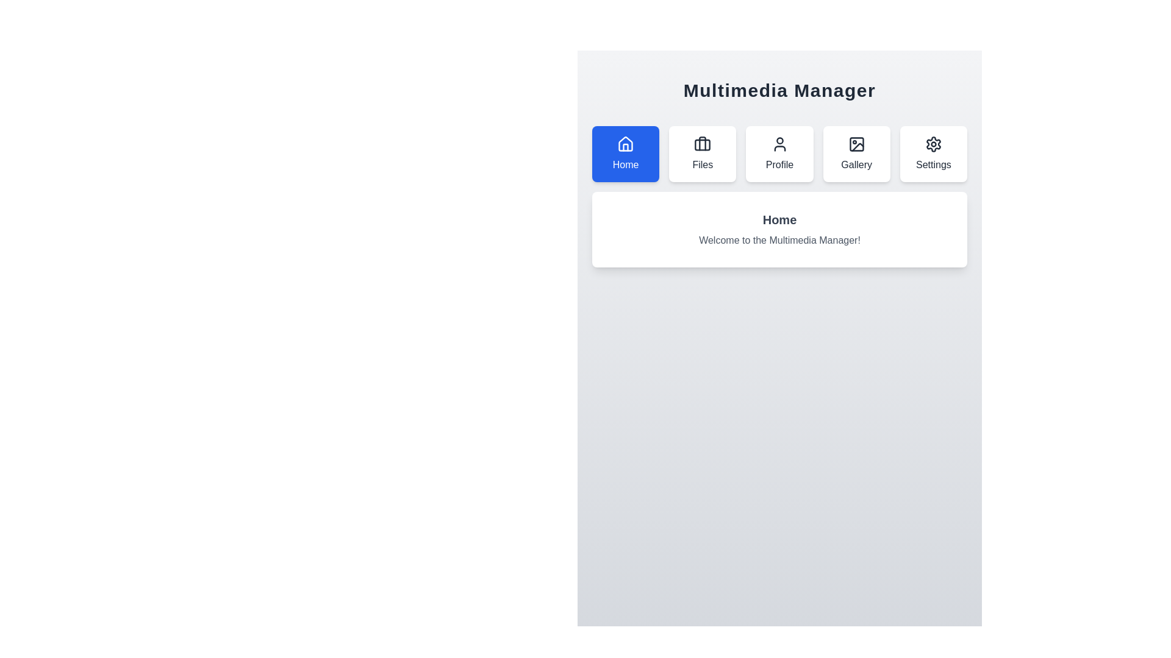 This screenshot has width=1171, height=658. Describe the element at coordinates (703, 143) in the screenshot. I see `the briefcase-like icon in the 'Files' button of the horizontal navigation menu, which is located between the 'Home' and 'Profile' buttons` at that location.